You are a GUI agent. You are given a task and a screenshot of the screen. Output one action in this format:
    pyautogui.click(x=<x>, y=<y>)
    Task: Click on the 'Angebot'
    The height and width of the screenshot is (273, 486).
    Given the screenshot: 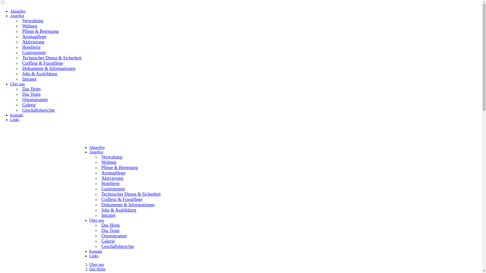 What is the action you would take?
    pyautogui.click(x=10, y=15)
    